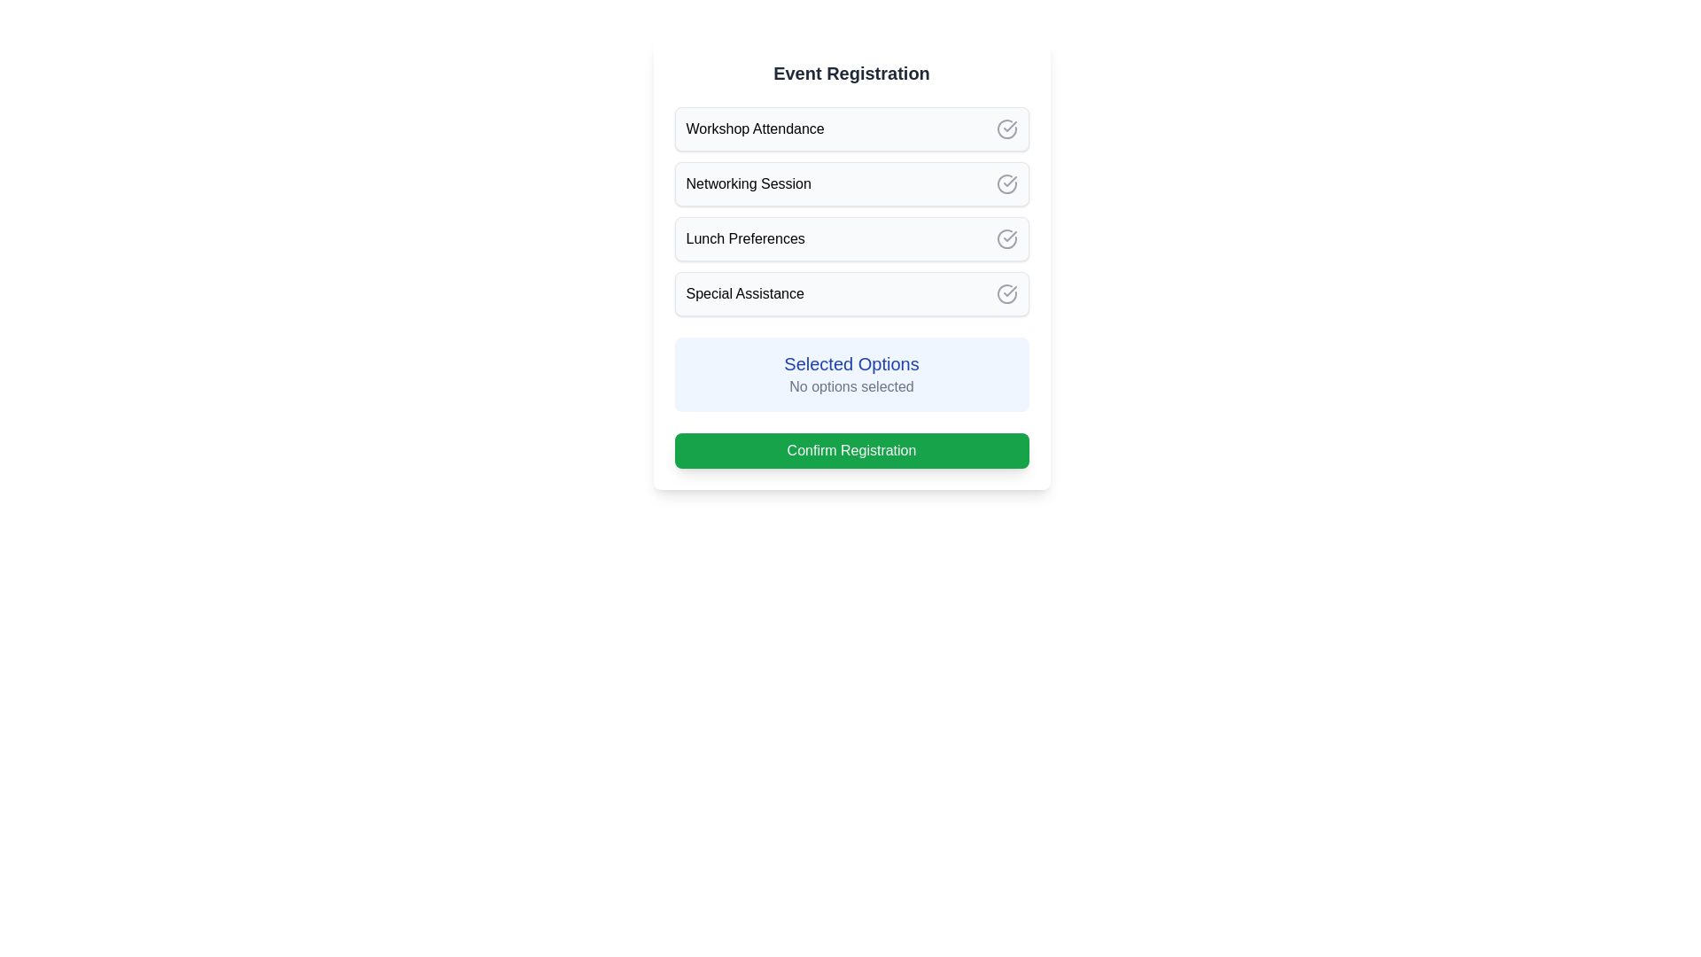  I want to click on the checkmark icon within a circular border located to the right of the 'Lunch Preferences' text in the third row of the list, to use it as part of understanding the overall interface theme, so click(1006, 239).